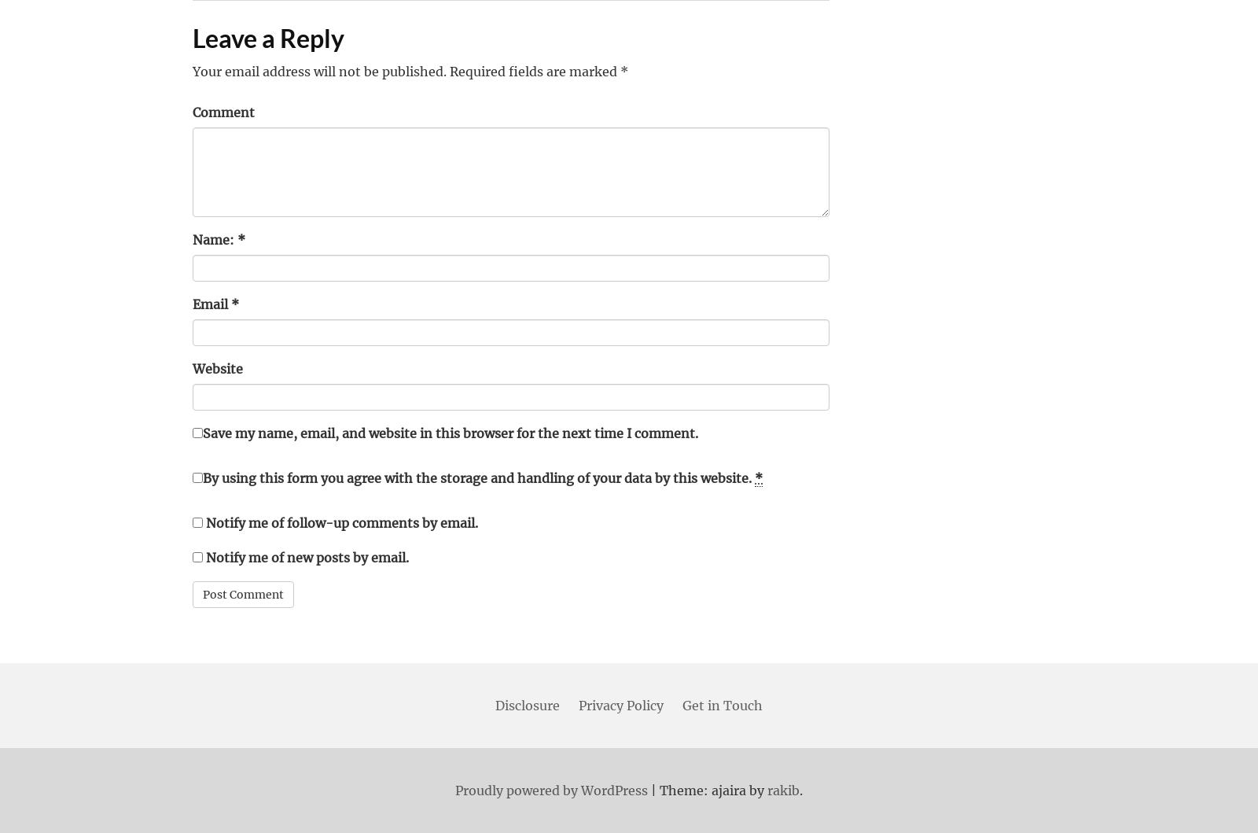 The height and width of the screenshot is (833, 1258). Describe the element at coordinates (551, 789) in the screenshot. I see `'Proudly powered by WordPress'` at that location.